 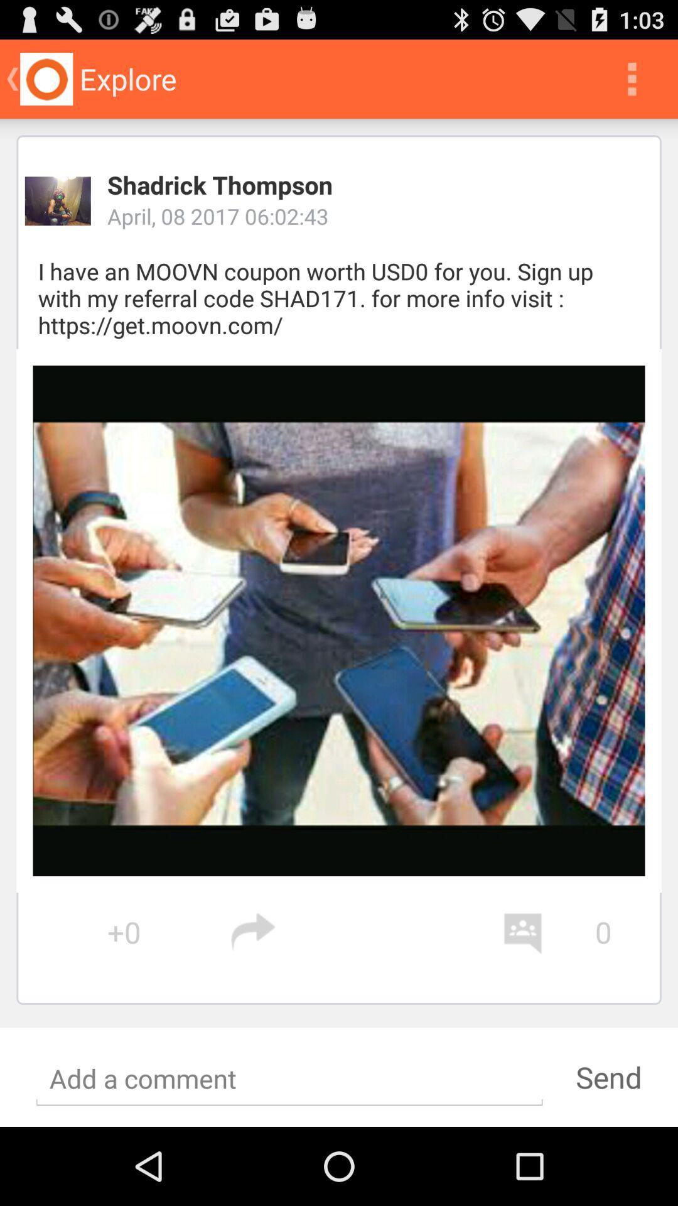 What do you see at coordinates (608, 1077) in the screenshot?
I see `app below the no activity!` at bounding box center [608, 1077].